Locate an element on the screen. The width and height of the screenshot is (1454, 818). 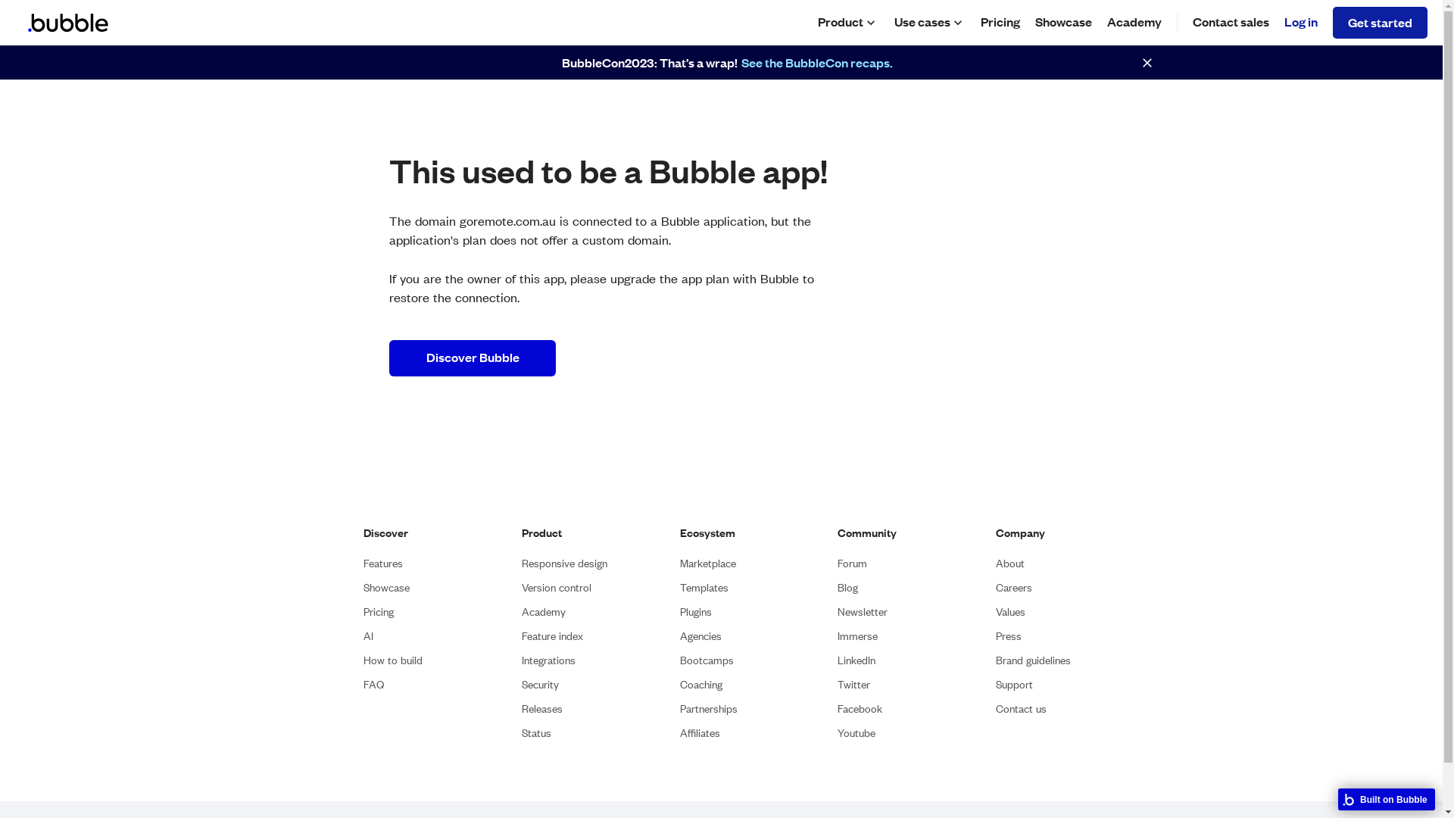
'FAQ' is located at coordinates (373, 684).